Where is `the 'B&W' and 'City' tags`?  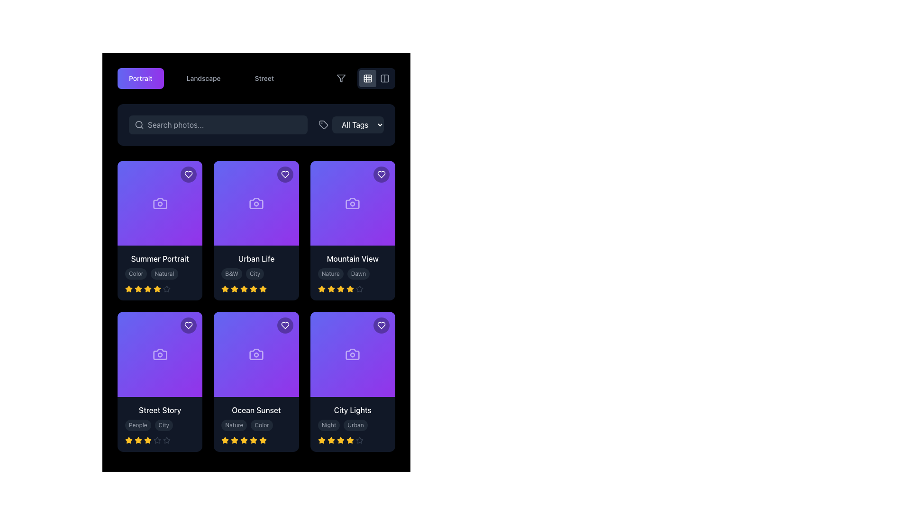 the 'B&W' and 'City' tags is located at coordinates (256, 273).